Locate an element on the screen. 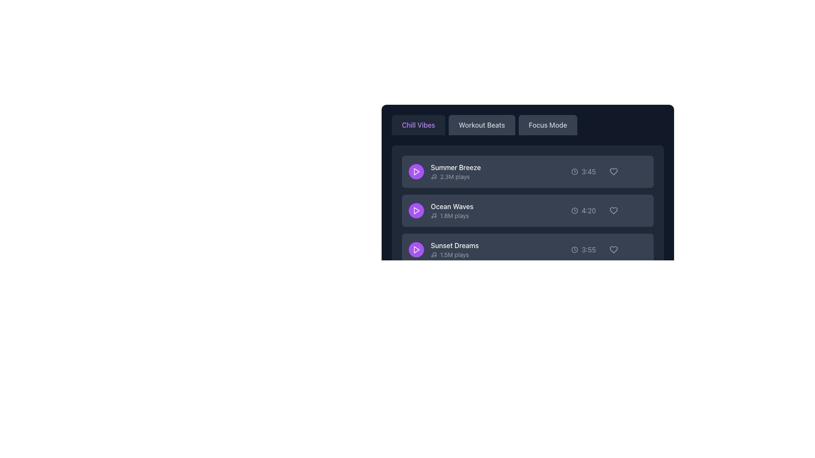  the text label displaying '1.8M plays' which is located below the main heading of the 'Ocean Waves' item and to the right of the music note icon is located at coordinates (452, 215).